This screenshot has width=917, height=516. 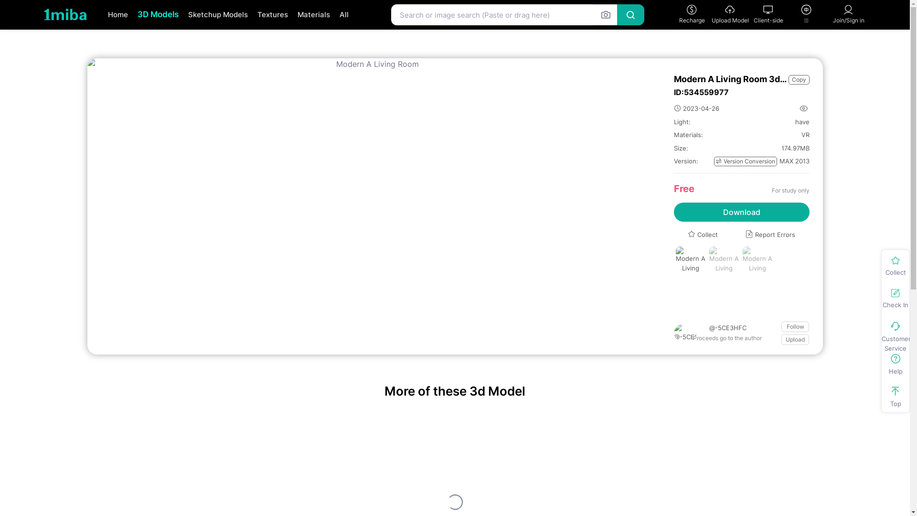 What do you see at coordinates (158, 14) in the screenshot?
I see `'3D Models'` at bounding box center [158, 14].